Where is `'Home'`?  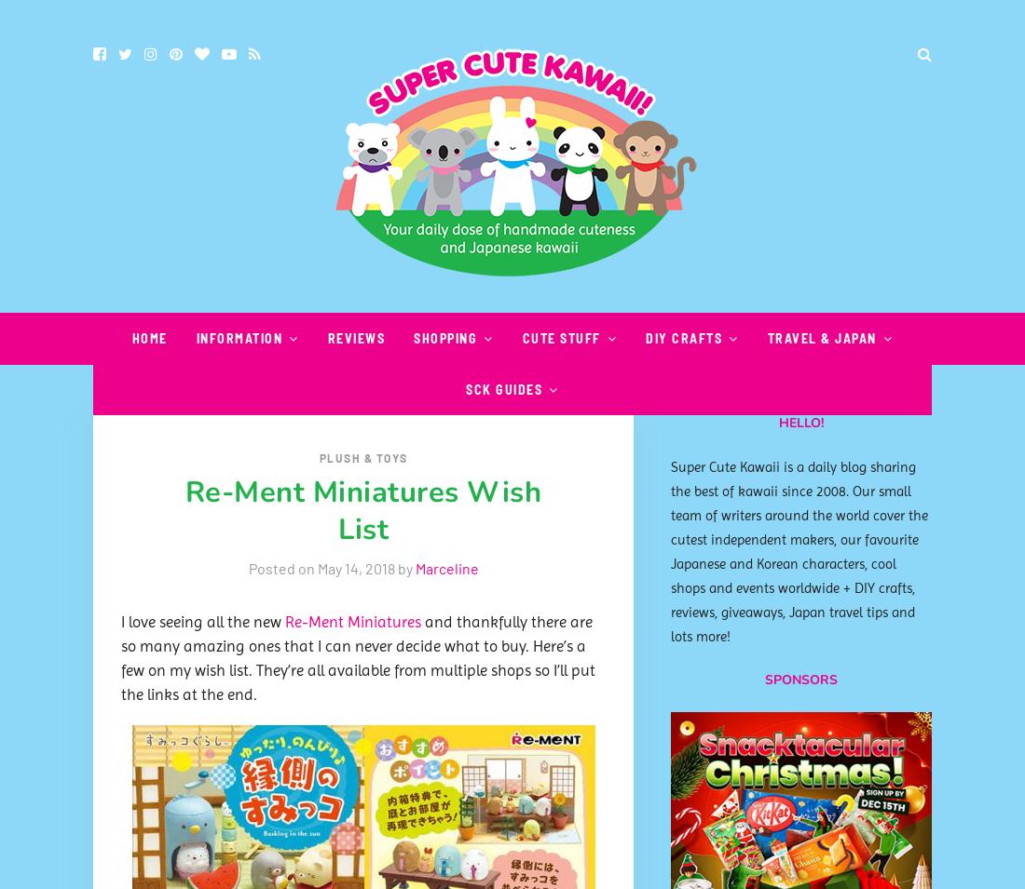
'Home' is located at coordinates (148, 337).